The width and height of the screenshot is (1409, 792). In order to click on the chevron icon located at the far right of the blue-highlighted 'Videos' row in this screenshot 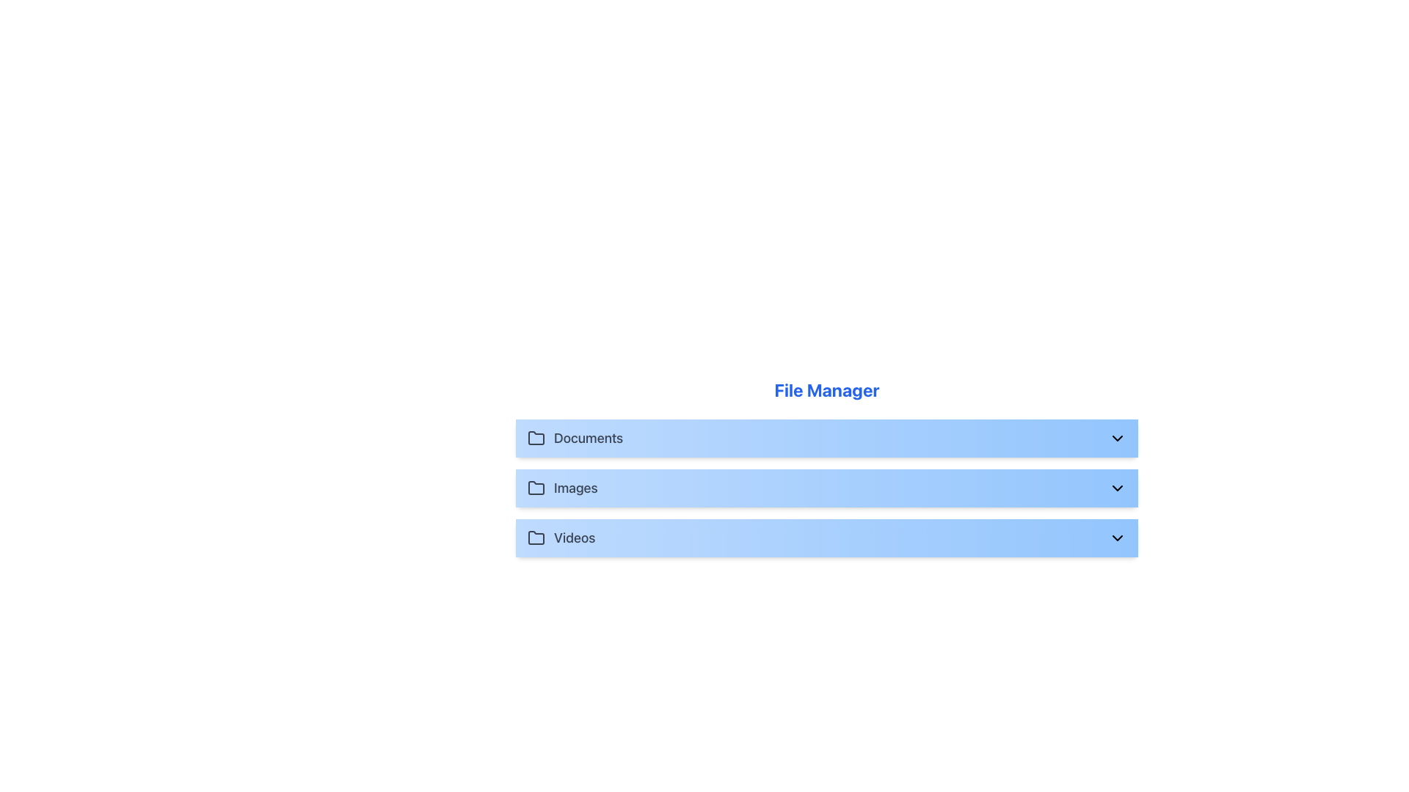, I will do `click(1116, 538)`.